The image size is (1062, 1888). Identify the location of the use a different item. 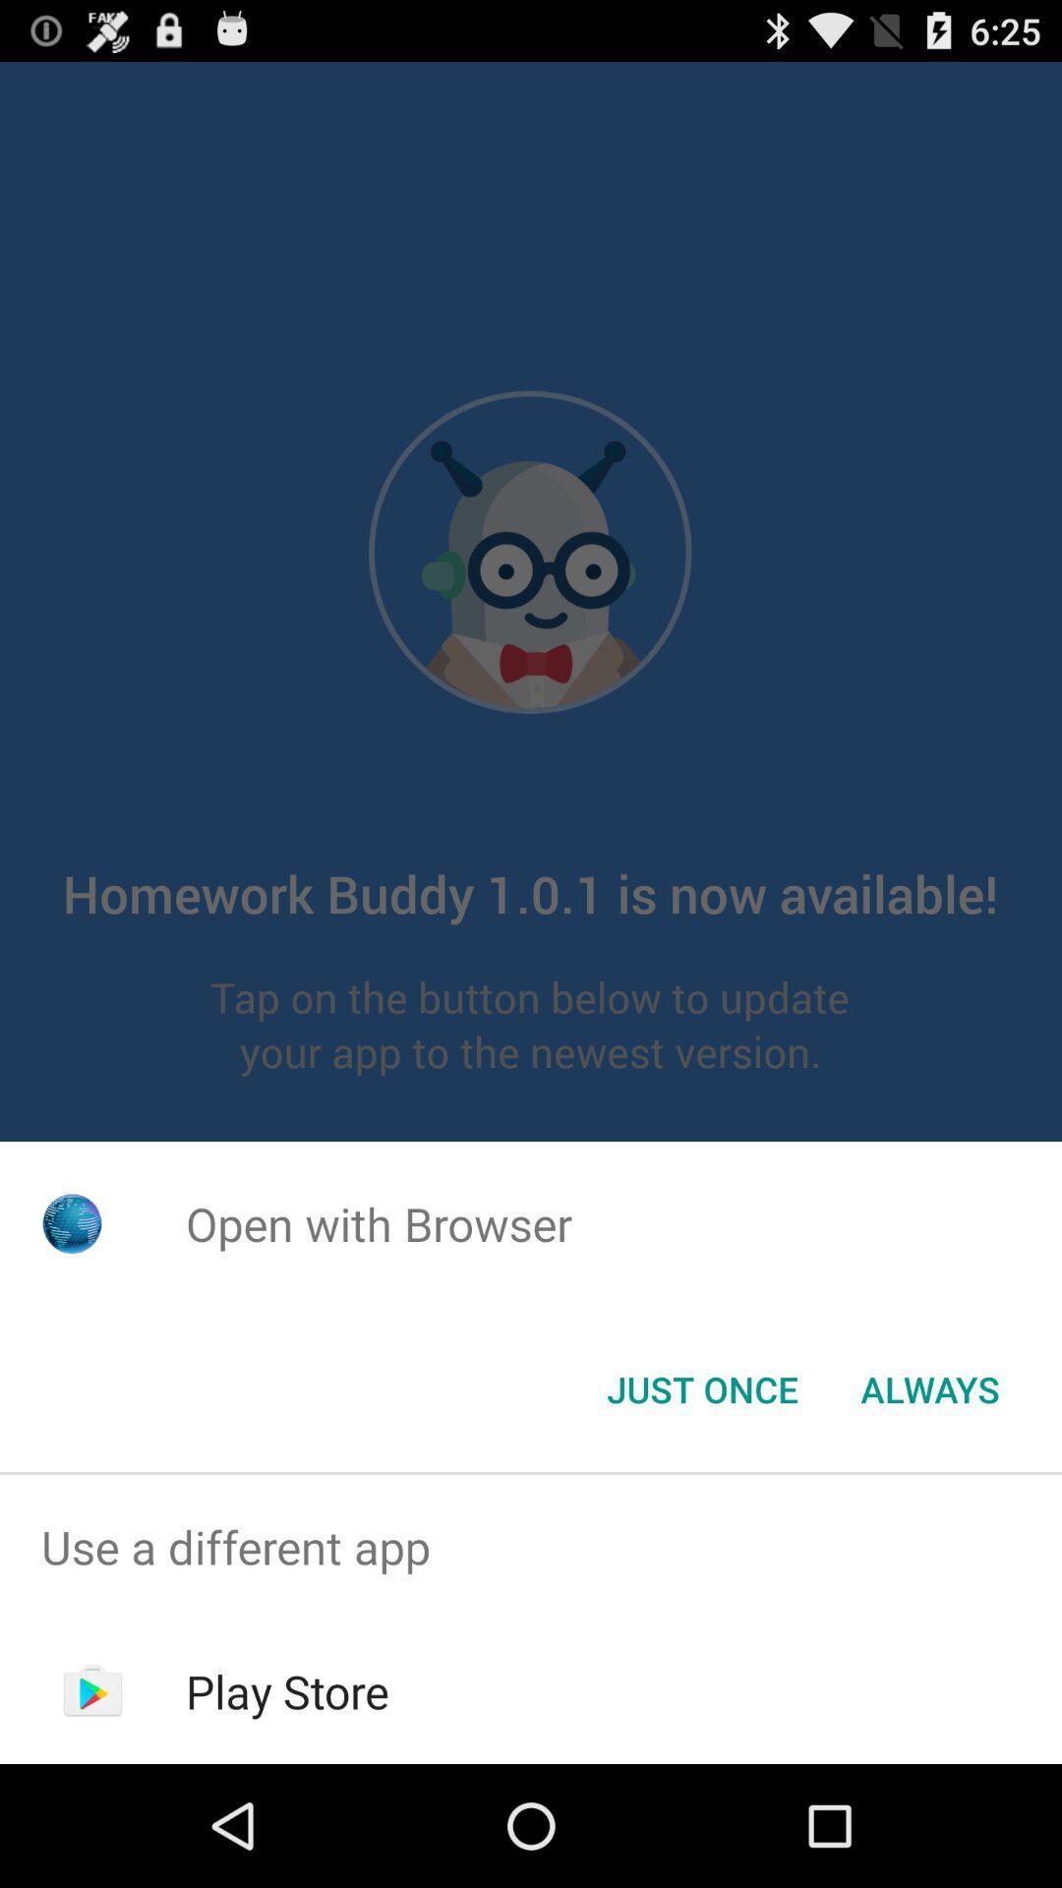
(531, 1546).